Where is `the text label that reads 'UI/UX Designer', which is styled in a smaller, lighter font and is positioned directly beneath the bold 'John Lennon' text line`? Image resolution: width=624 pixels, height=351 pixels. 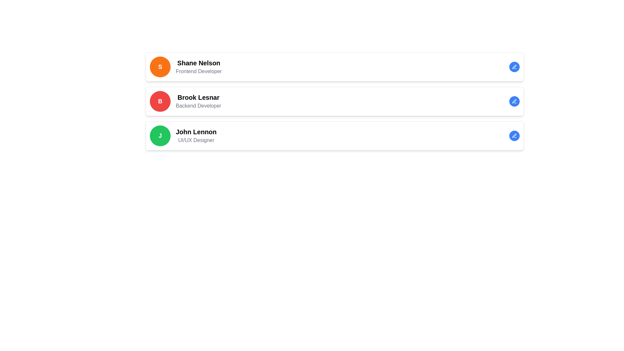
the text label that reads 'UI/UX Designer', which is styled in a smaller, lighter font and is positioned directly beneath the bold 'John Lennon' text line is located at coordinates (196, 140).